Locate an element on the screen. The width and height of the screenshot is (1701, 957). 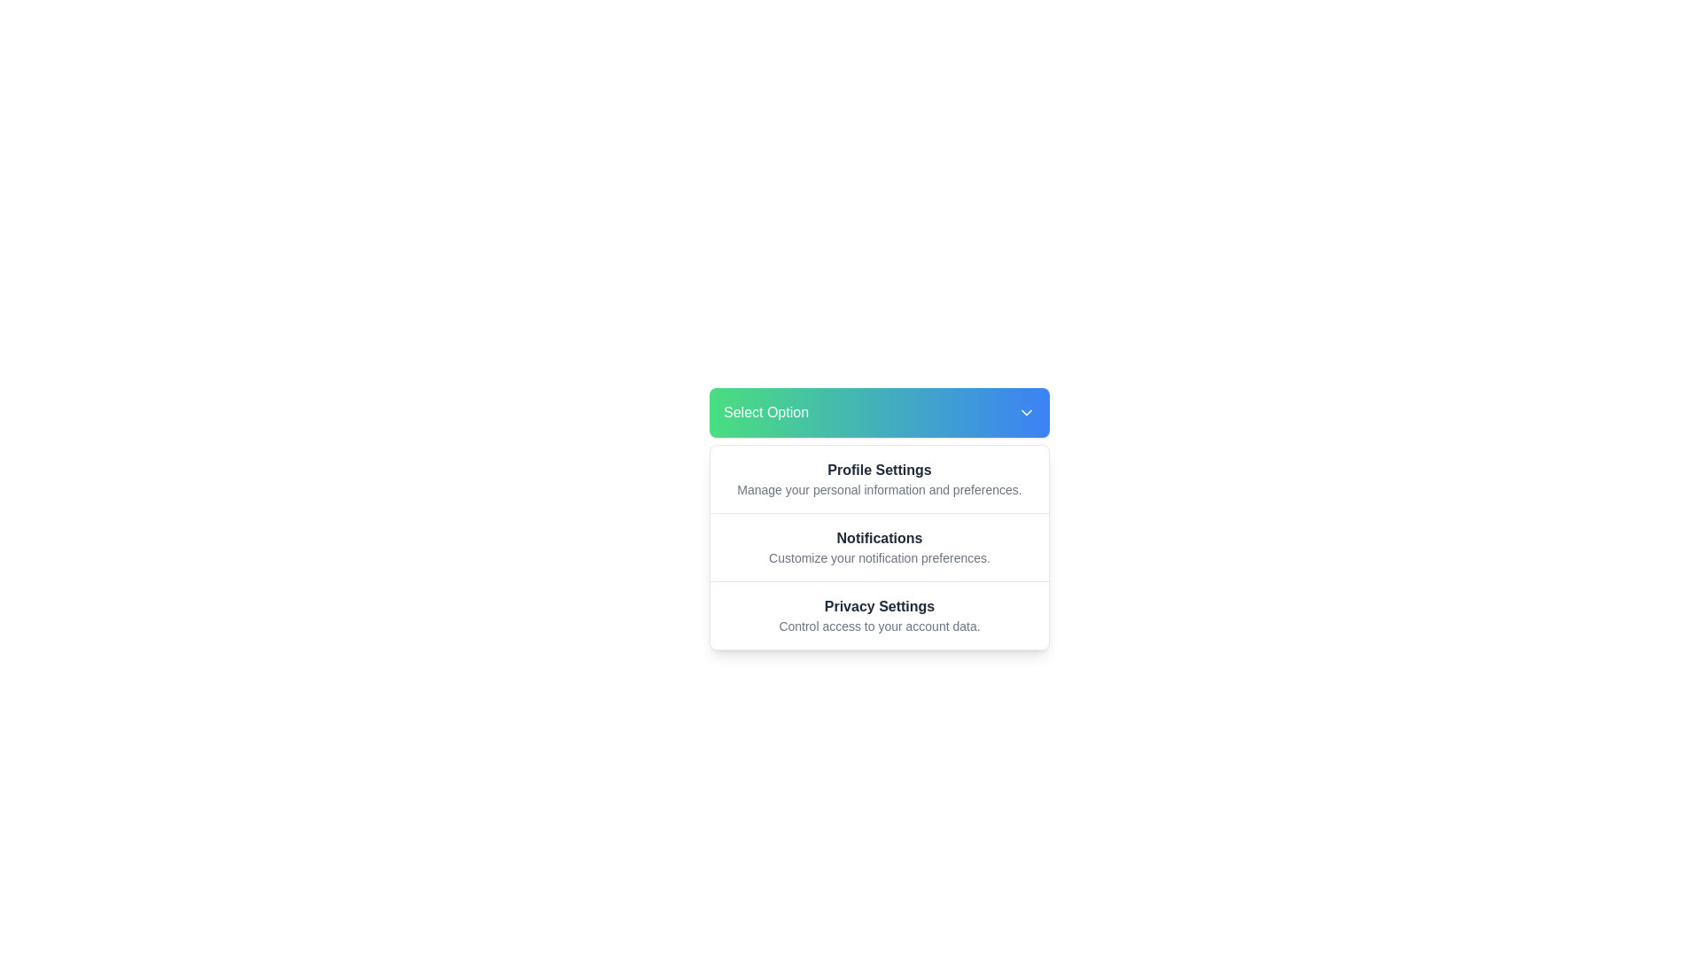
the interactive list item that allows access is located at coordinates (880, 546).